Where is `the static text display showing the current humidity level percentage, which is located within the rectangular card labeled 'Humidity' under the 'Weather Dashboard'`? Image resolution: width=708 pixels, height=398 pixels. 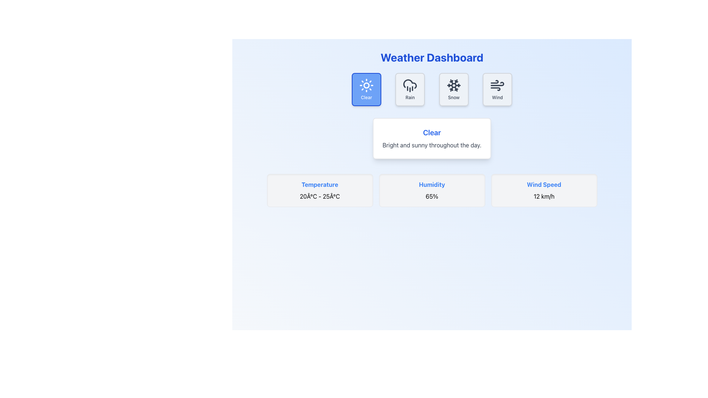 the static text display showing the current humidity level percentage, which is located within the rectangular card labeled 'Humidity' under the 'Weather Dashboard' is located at coordinates (432, 196).